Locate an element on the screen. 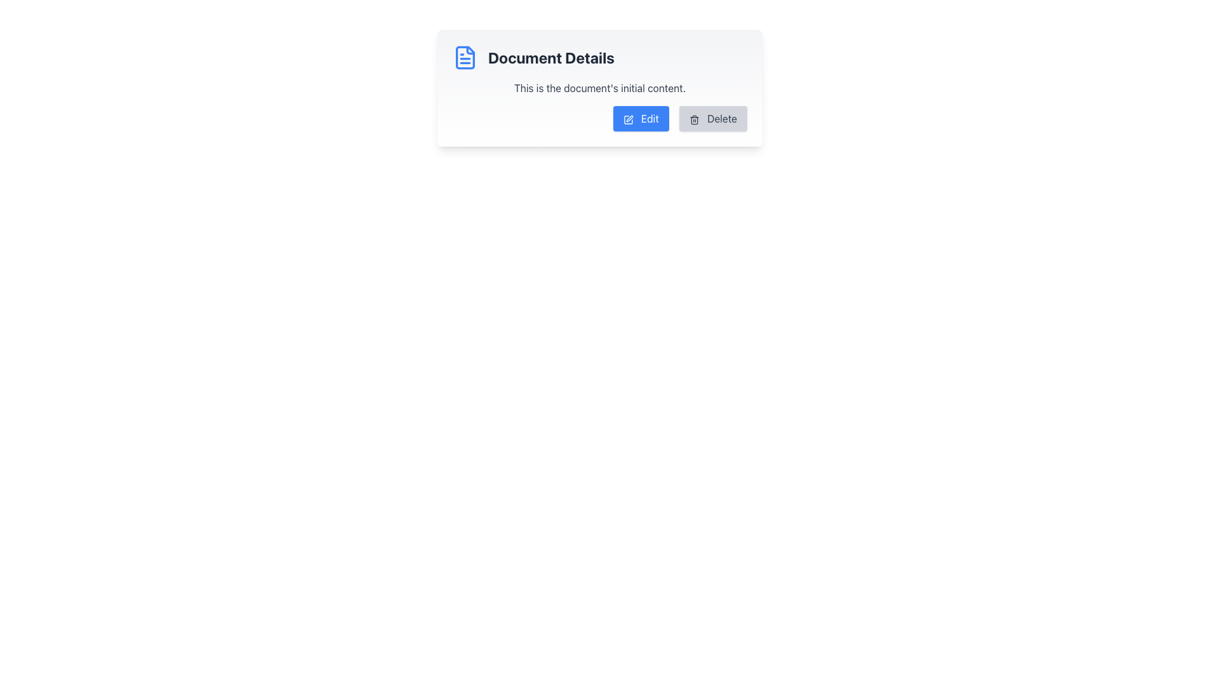 The image size is (1219, 686). the text element displaying 'This is the document's initial content.' which is located below the heading 'Document Details' is located at coordinates (599, 87).